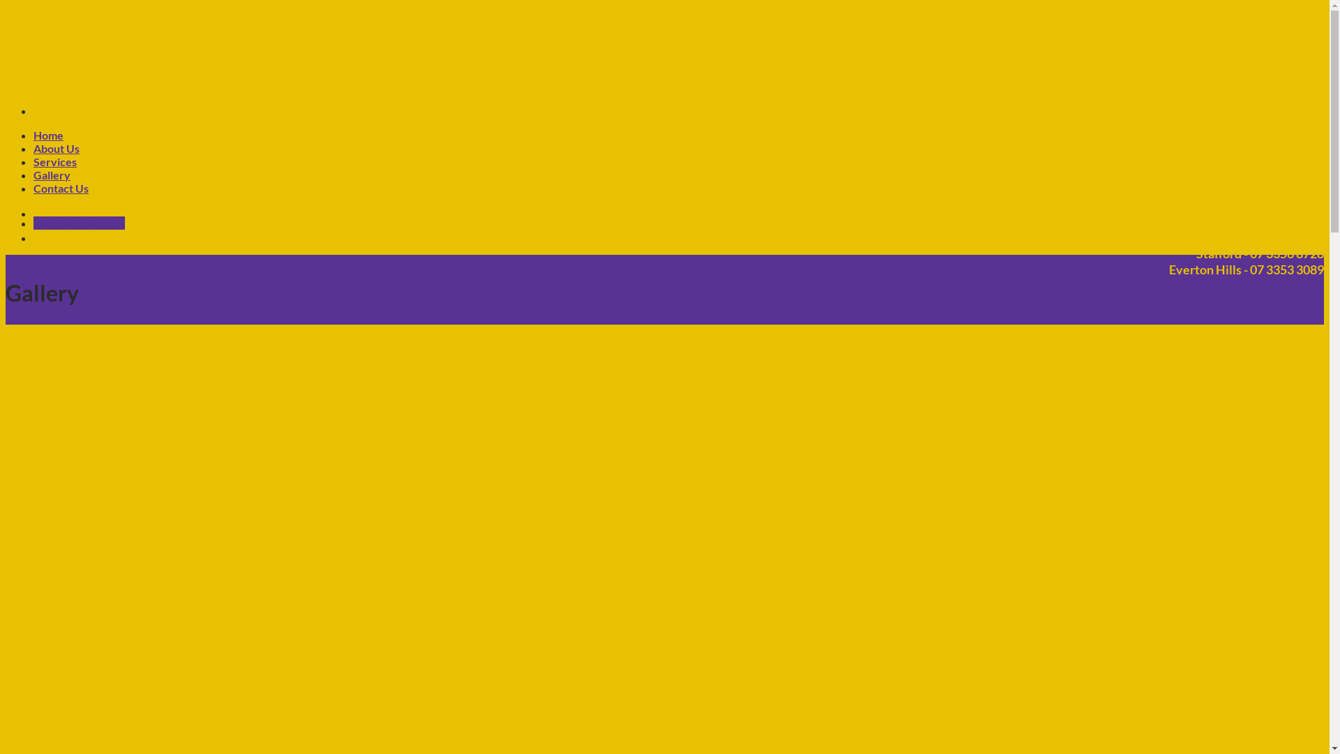  Describe the element at coordinates (33, 148) in the screenshot. I see `'About Us'` at that location.